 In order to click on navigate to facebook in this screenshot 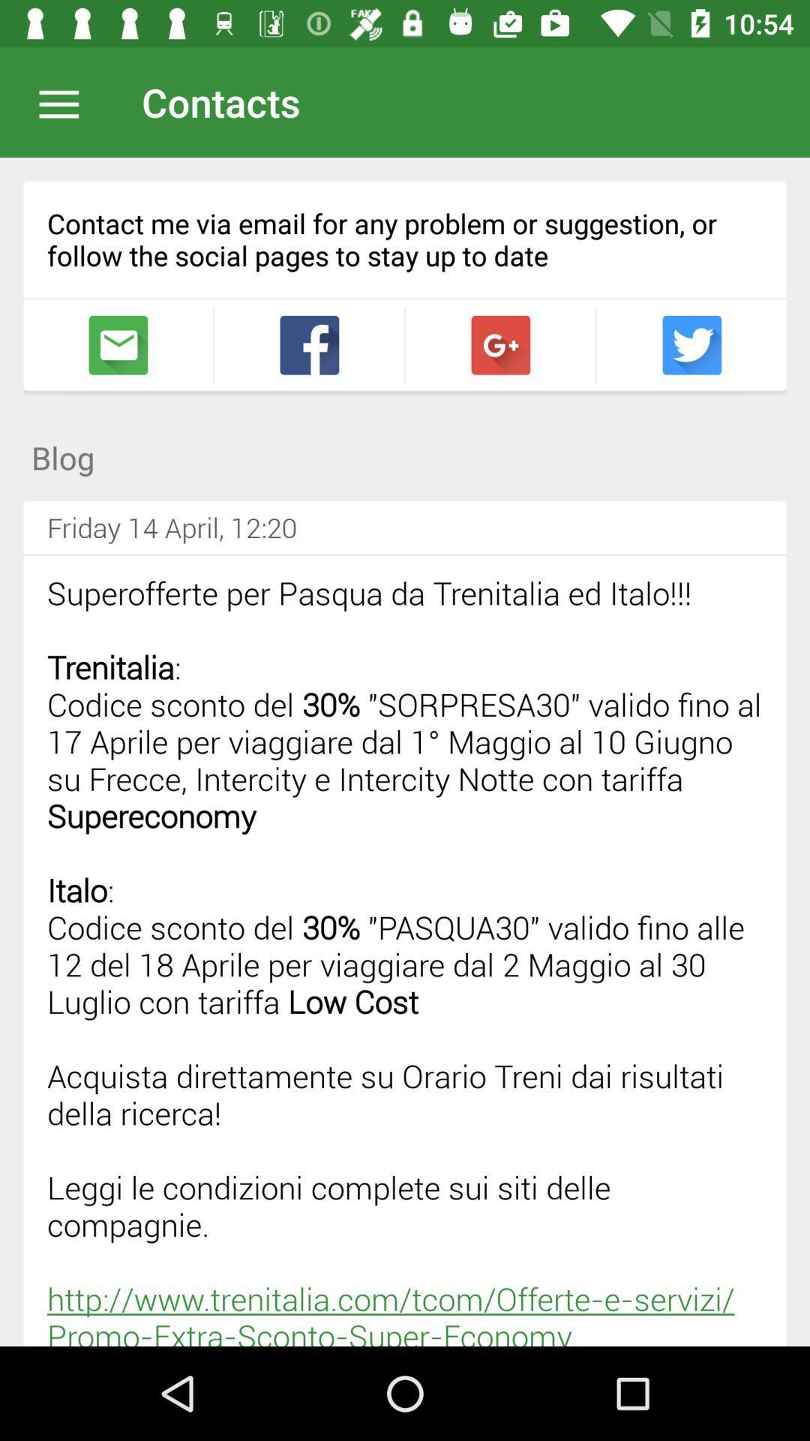, I will do `click(308, 344)`.